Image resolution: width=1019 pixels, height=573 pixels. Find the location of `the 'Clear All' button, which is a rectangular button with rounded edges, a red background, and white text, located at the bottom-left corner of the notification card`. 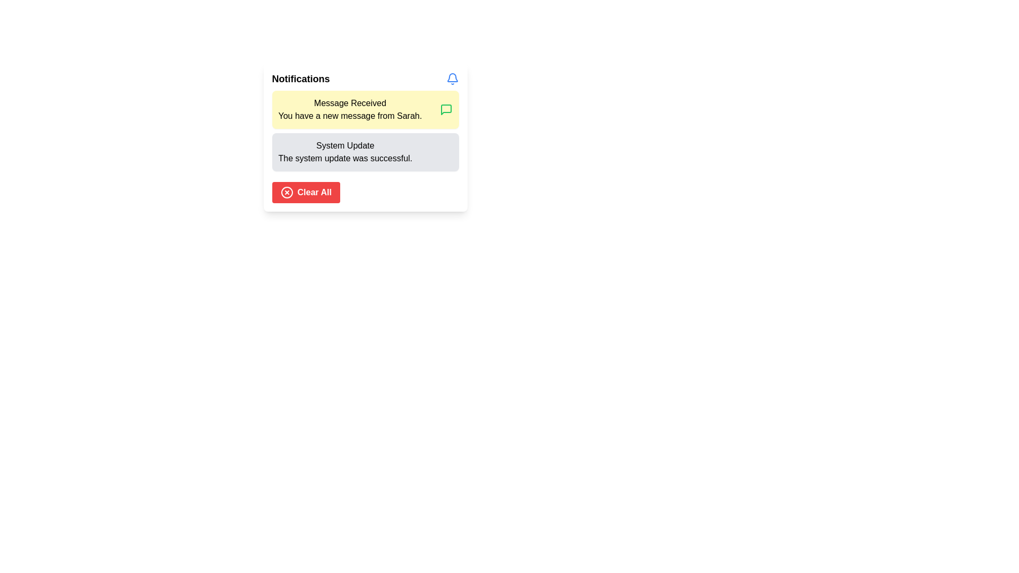

the 'Clear All' button, which is a rectangular button with rounded edges, a red background, and white text, located at the bottom-left corner of the notification card is located at coordinates (305, 192).